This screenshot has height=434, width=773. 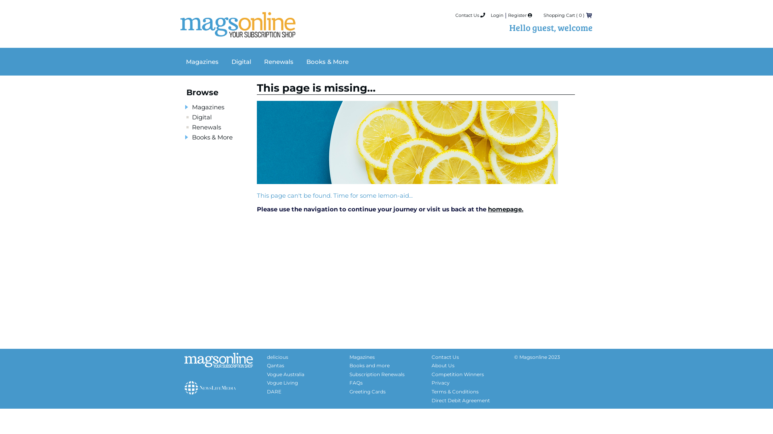 What do you see at coordinates (520, 15) in the screenshot?
I see `'Register '` at bounding box center [520, 15].